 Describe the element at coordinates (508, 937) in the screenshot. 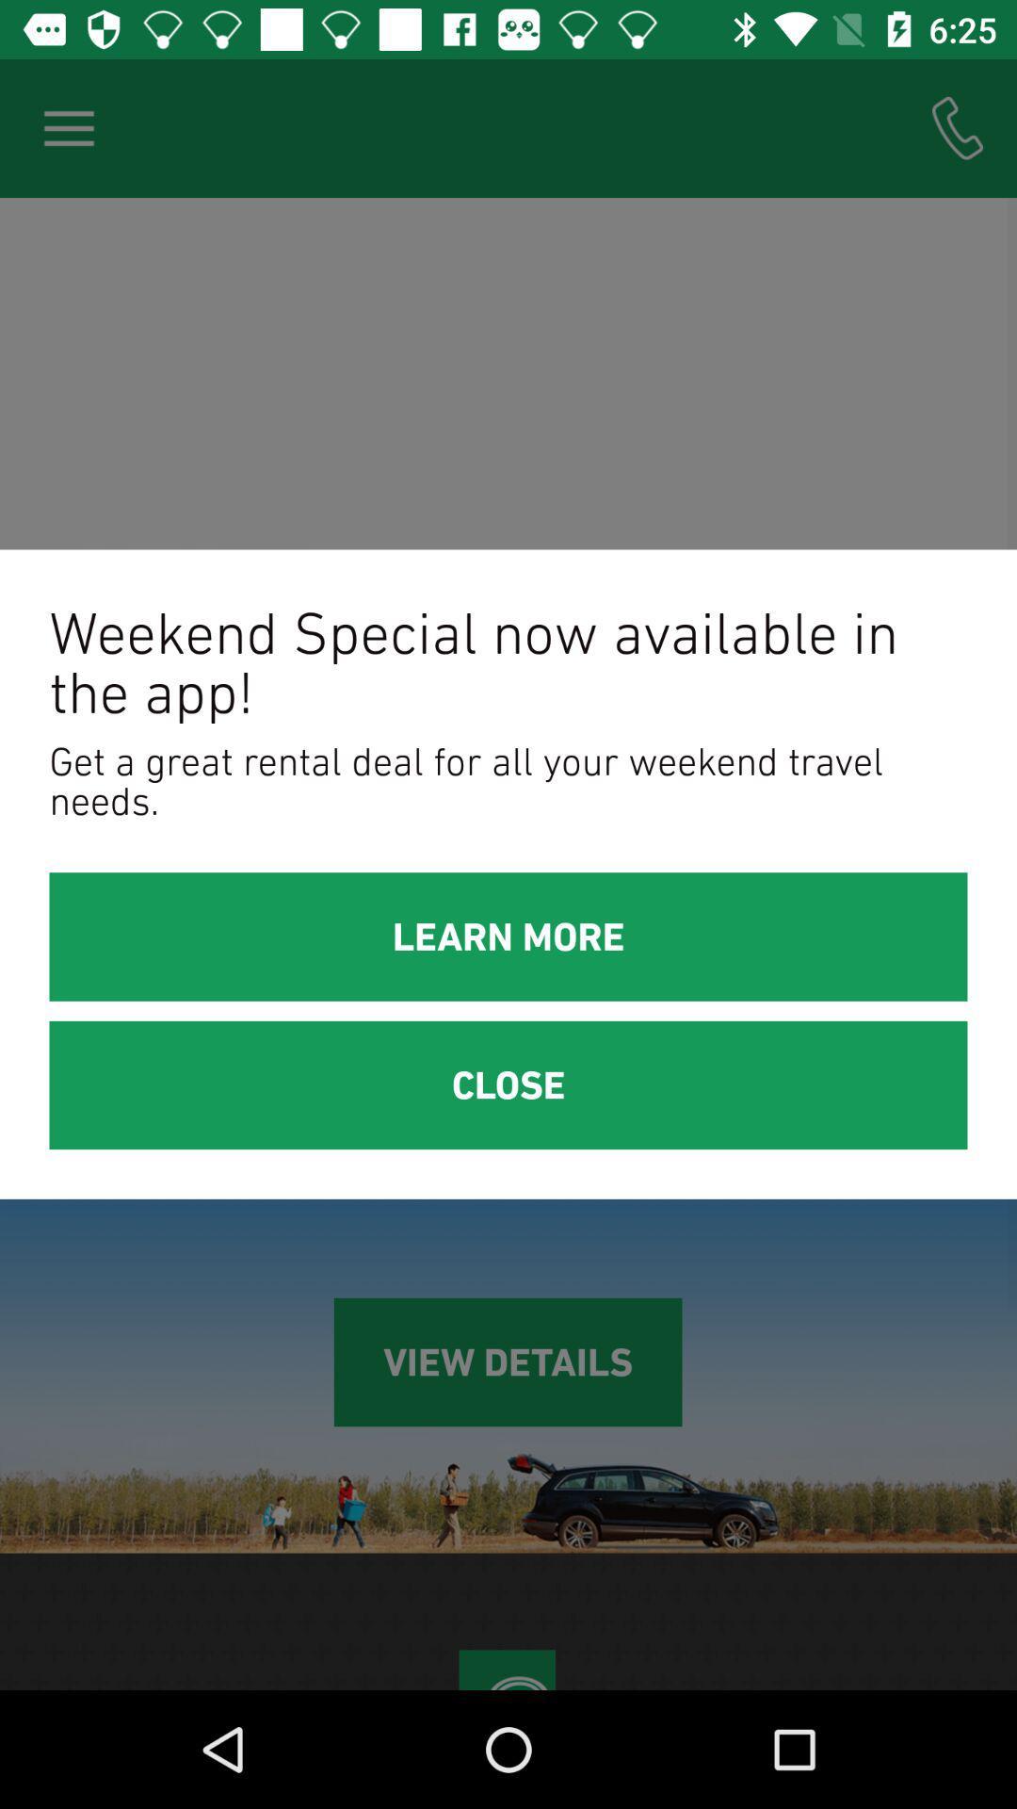

I see `icon above the close item` at that location.